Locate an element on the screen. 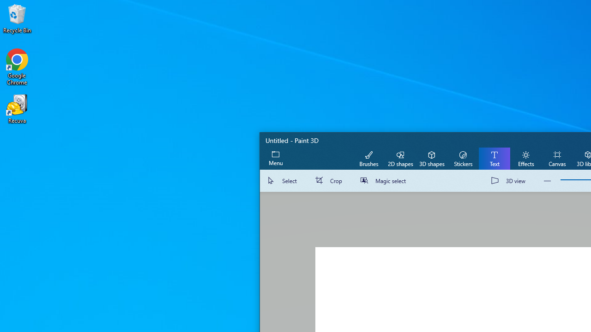 This screenshot has width=591, height=332. 'Magic select' is located at coordinates (385, 181).